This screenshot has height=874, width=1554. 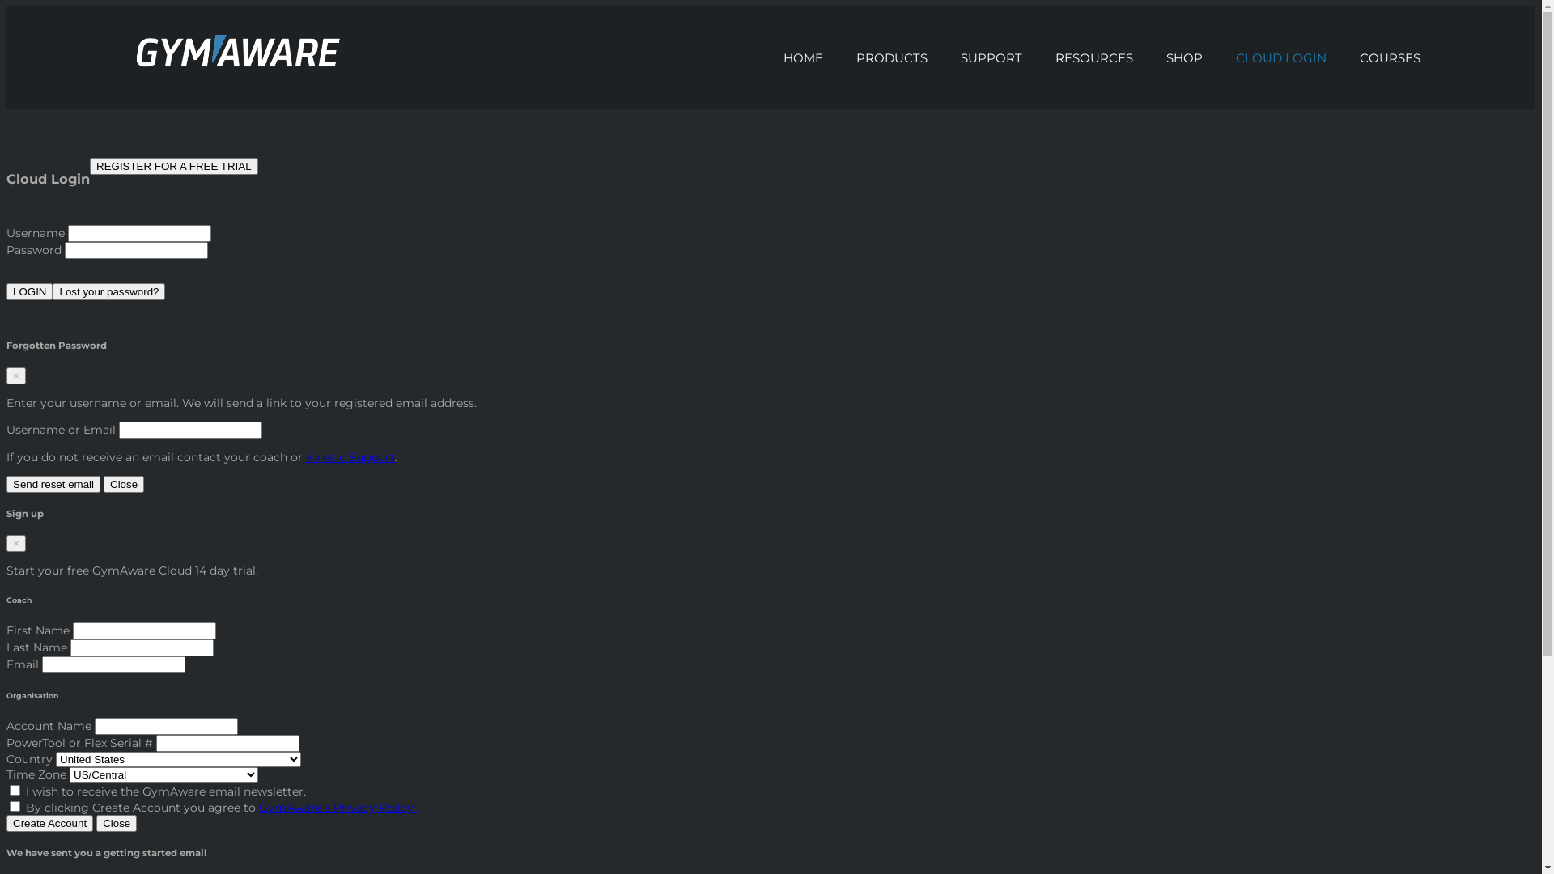 What do you see at coordinates (53, 291) in the screenshot?
I see `'Lost your password?'` at bounding box center [53, 291].